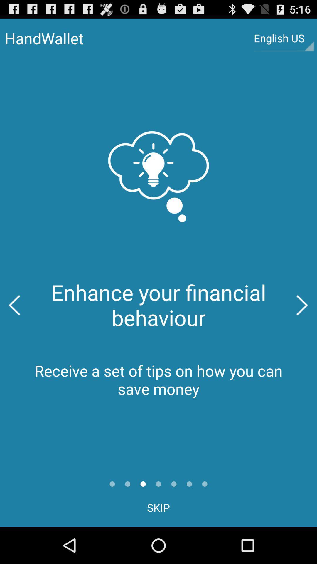  What do you see at coordinates (302, 326) in the screenshot?
I see `the arrow_forward icon` at bounding box center [302, 326].